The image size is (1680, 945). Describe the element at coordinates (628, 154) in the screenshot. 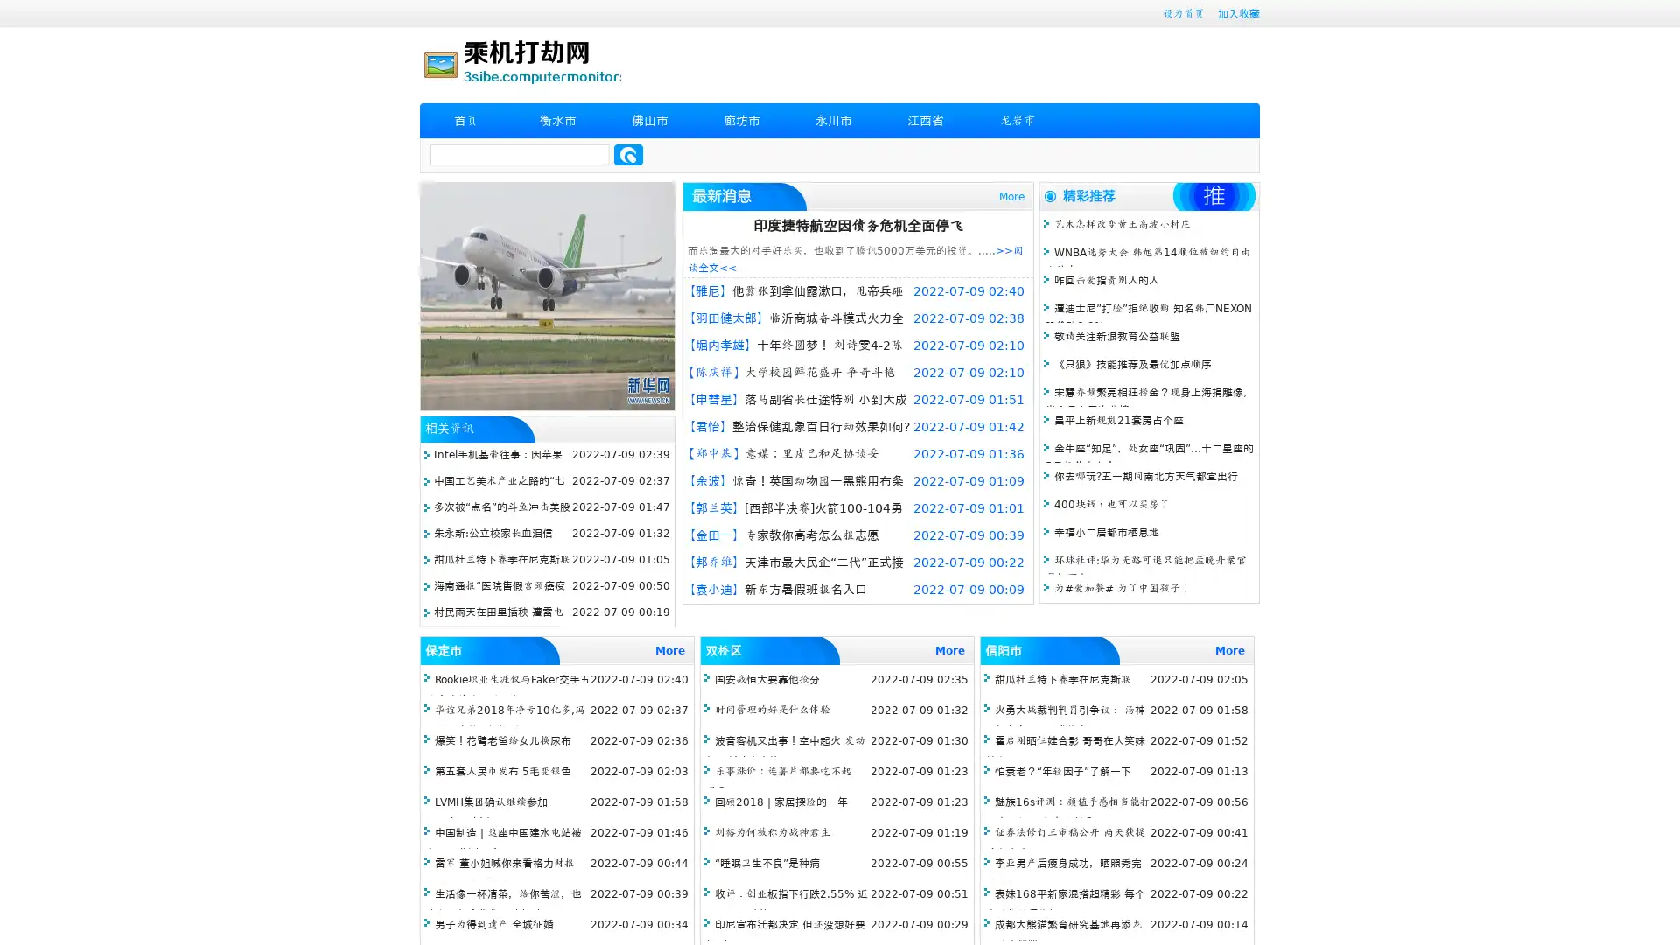

I see `Search` at that location.